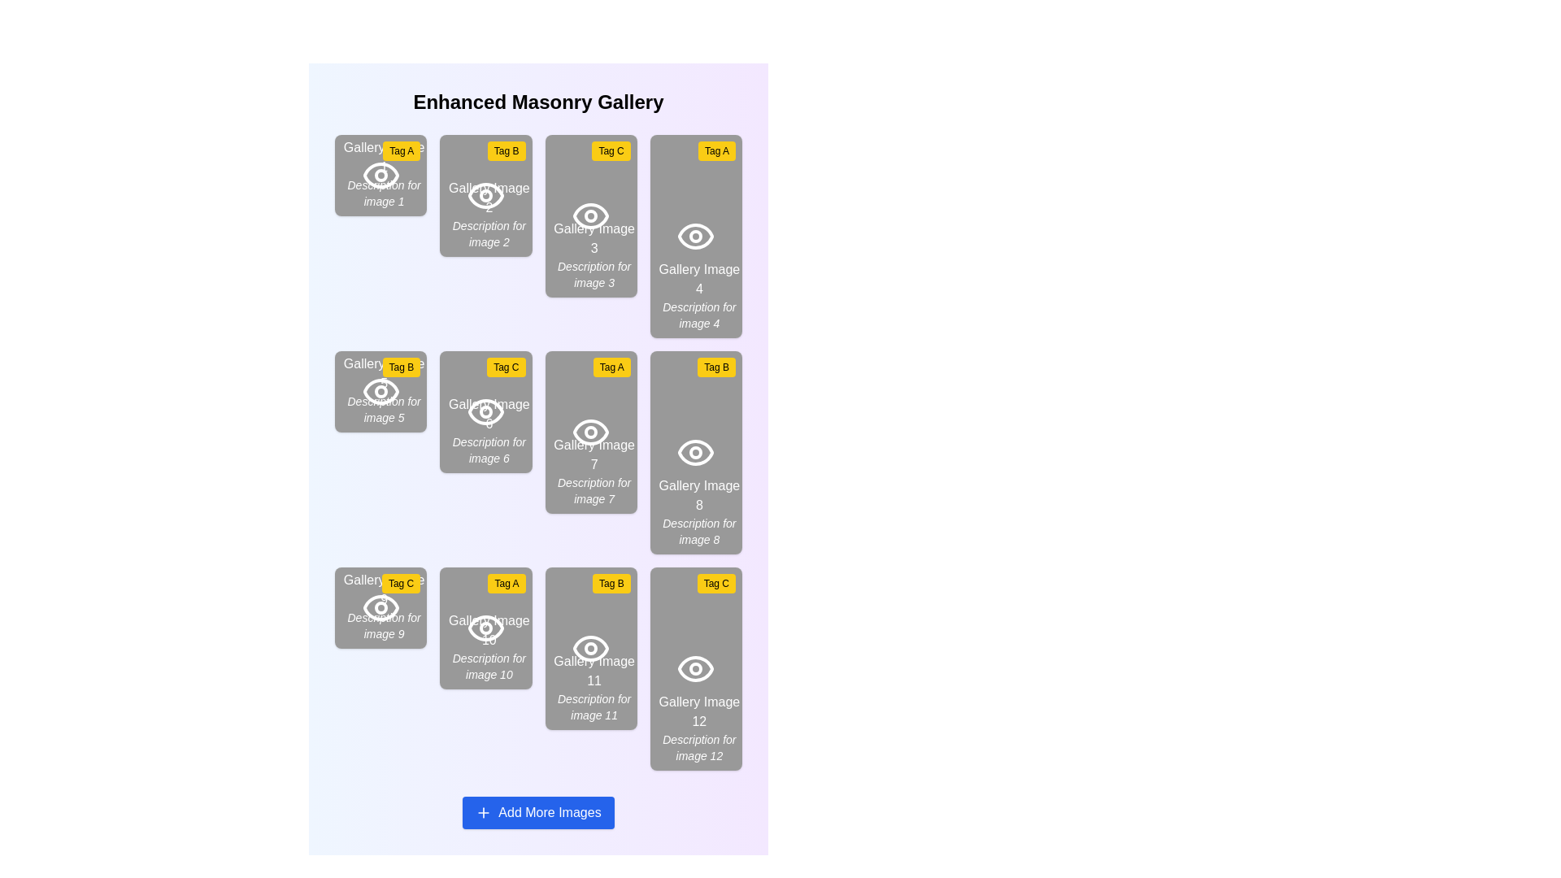 The width and height of the screenshot is (1561, 878). Describe the element at coordinates (696, 668) in the screenshot. I see `text within the Gallery item card, which displays image metadata including title, description, and tag. This card is the twelfth in a grid layout, located in the last row and last column of the gallery` at that location.